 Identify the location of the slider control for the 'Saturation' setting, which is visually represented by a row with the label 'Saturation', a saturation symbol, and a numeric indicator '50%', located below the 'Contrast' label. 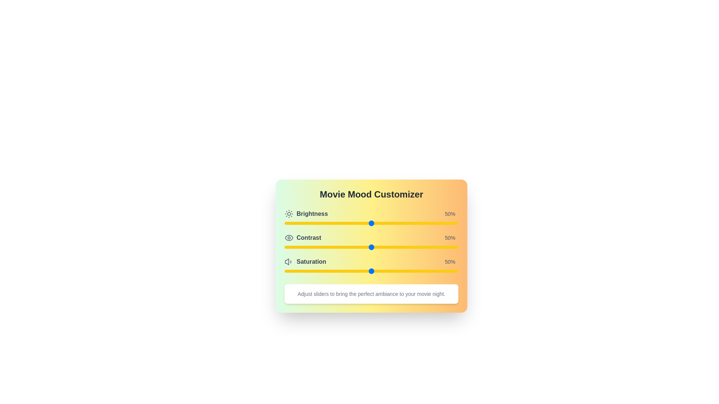
(371, 261).